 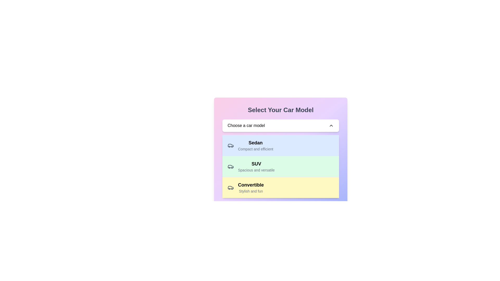 I want to click on the static car icon representing the SUV option in the dropdown menu, which is a non-interactive graphical representation, so click(x=230, y=167).